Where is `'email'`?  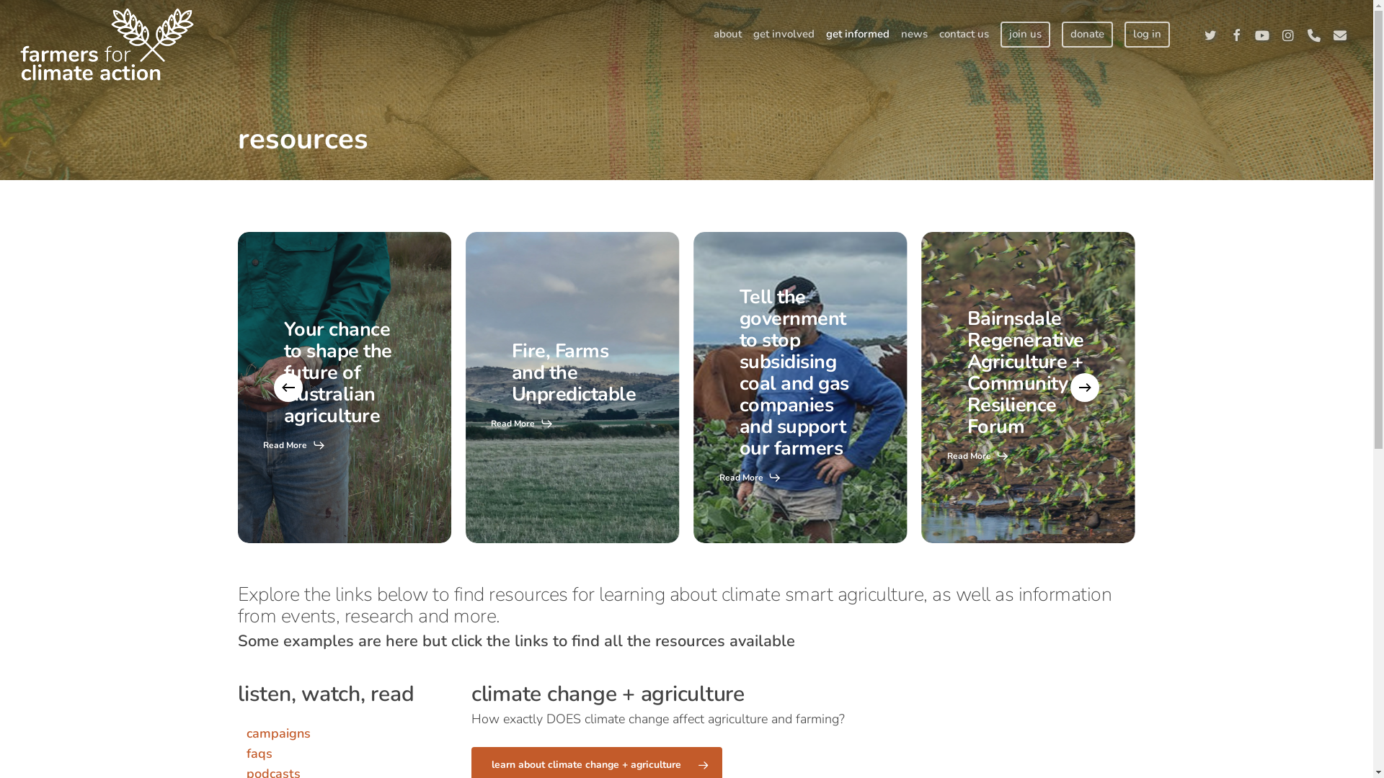 'email' is located at coordinates (1339, 33).